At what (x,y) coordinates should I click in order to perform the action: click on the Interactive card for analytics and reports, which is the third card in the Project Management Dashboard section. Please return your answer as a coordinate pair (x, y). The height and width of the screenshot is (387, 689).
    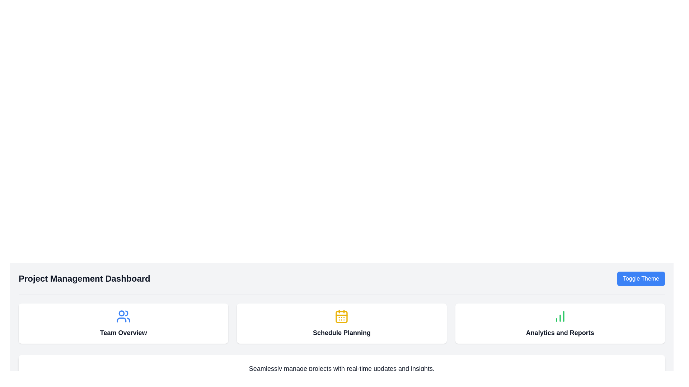
    Looking at the image, I should click on (559, 323).